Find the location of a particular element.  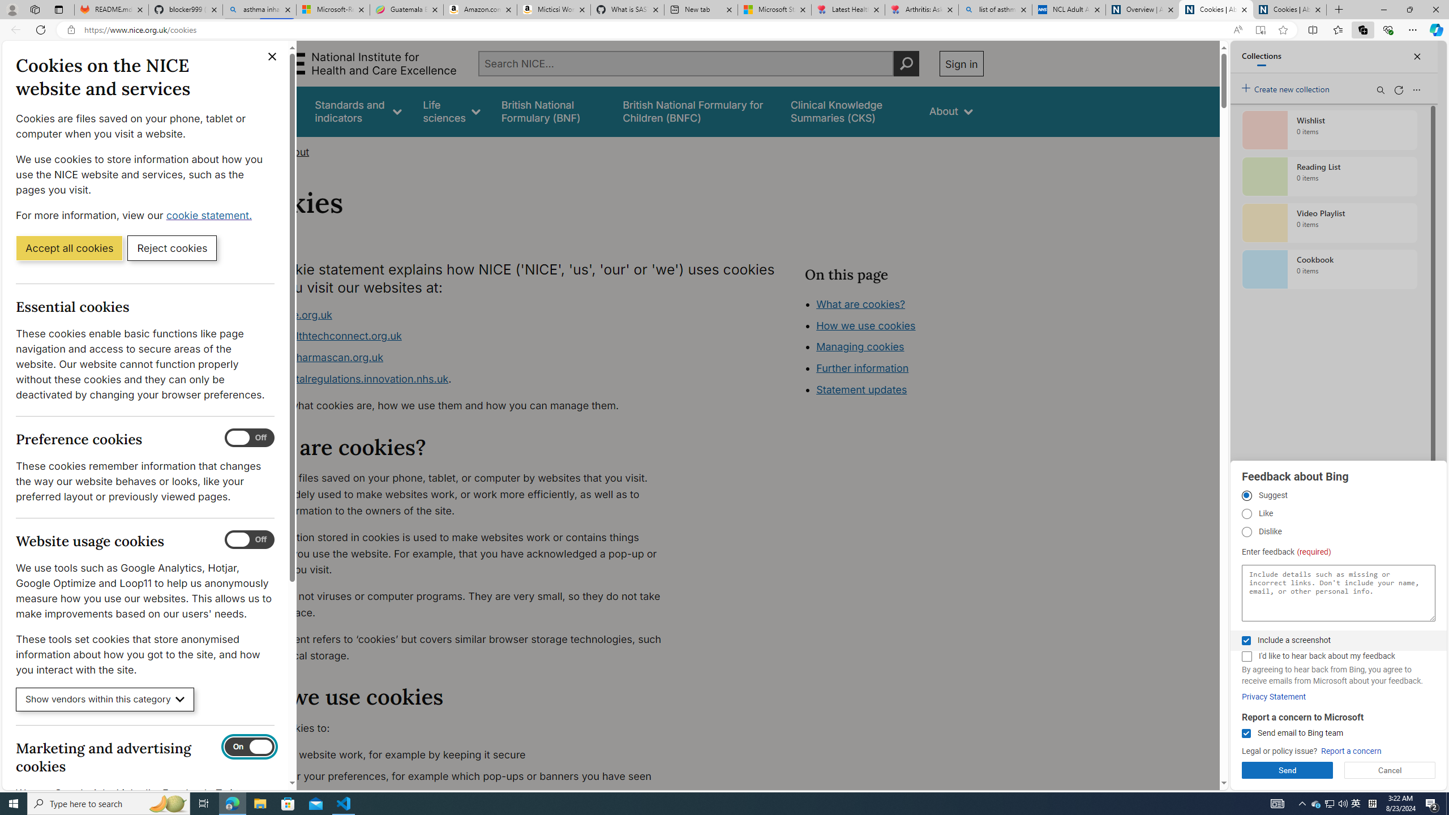

'cookie statement. (Opens in a new window)' is located at coordinates (210, 215).